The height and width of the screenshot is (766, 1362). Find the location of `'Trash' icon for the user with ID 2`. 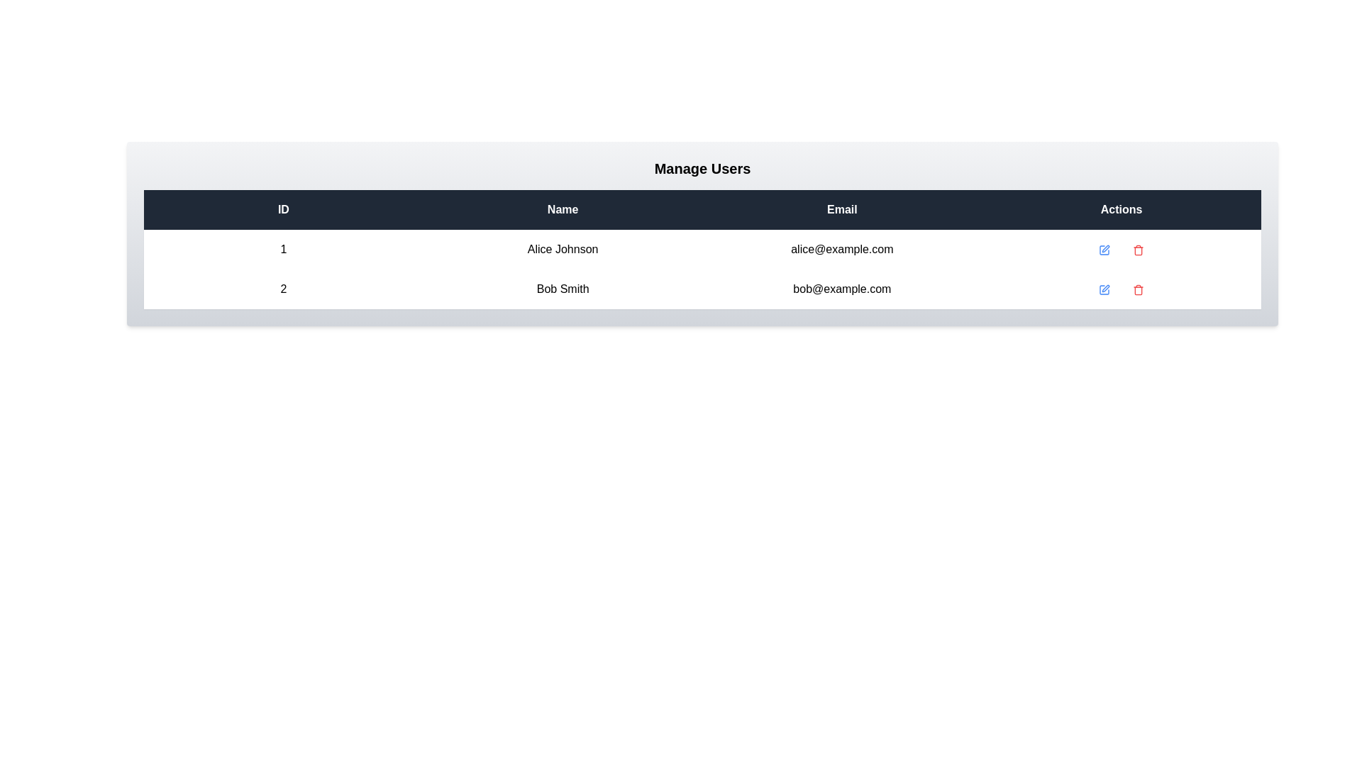

'Trash' icon for the user with ID 2 is located at coordinates (1139, 289).